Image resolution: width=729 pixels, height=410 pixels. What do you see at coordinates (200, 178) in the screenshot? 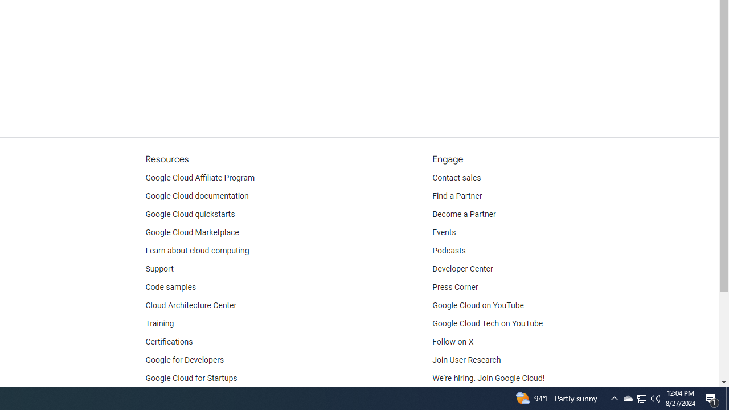
I see `'Google Cloud Affiliate Program'` at bounding box center [200, 178].